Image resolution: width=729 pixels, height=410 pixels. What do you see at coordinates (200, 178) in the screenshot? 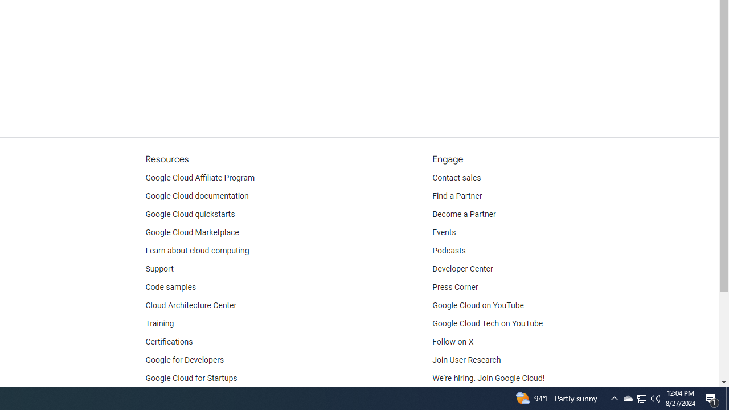
I see `'Google Cloud Affiliate Program'` at bounding box center [200, 178].